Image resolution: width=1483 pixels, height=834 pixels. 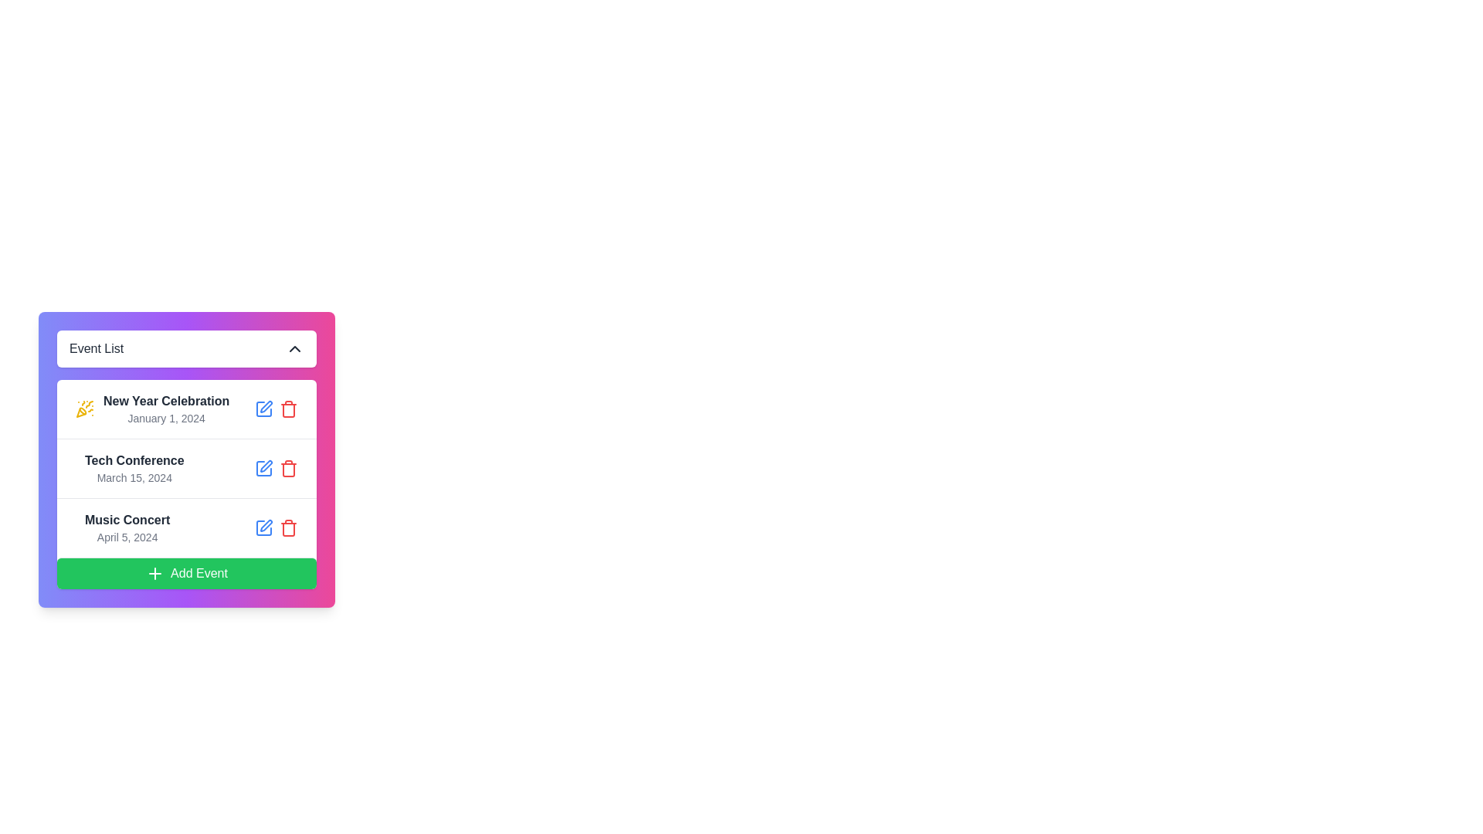 What do you see at coordinates (263, 467) in the screenshot?
I see `the edit icon button for the 'Tech Conference' event` at bounding box center [263, 467].